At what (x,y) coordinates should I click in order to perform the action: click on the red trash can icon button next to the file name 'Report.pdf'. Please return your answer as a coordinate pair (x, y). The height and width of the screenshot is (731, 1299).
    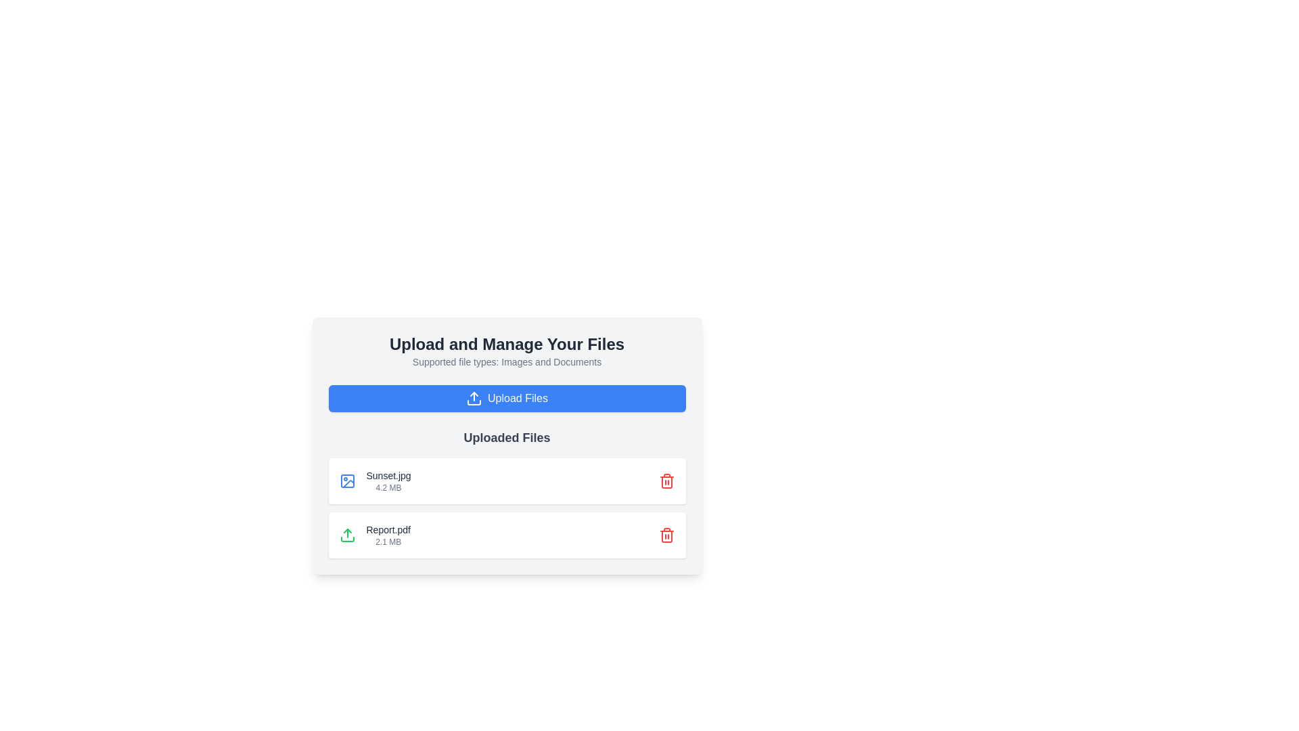
    Looking at the image, I should click on (666, 534).